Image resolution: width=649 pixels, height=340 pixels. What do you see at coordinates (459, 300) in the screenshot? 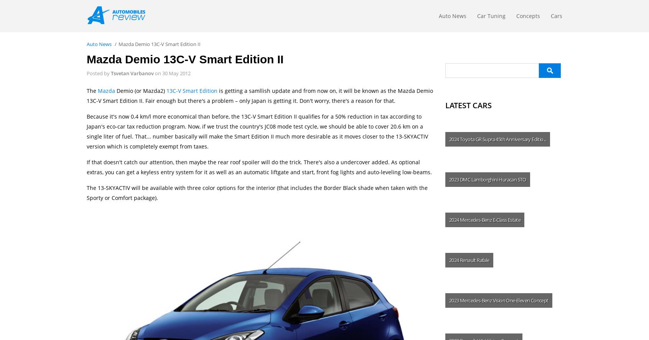
I see `'Mercedes-Benz Vision One-Eleven Concept'` at bounding box center [459, 300].